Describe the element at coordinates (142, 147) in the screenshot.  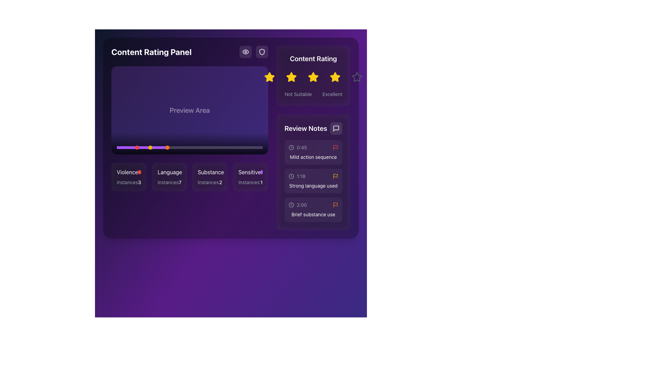
I see `the leftmost segment of the progress bar located near the bottom center of the panel` at that location.